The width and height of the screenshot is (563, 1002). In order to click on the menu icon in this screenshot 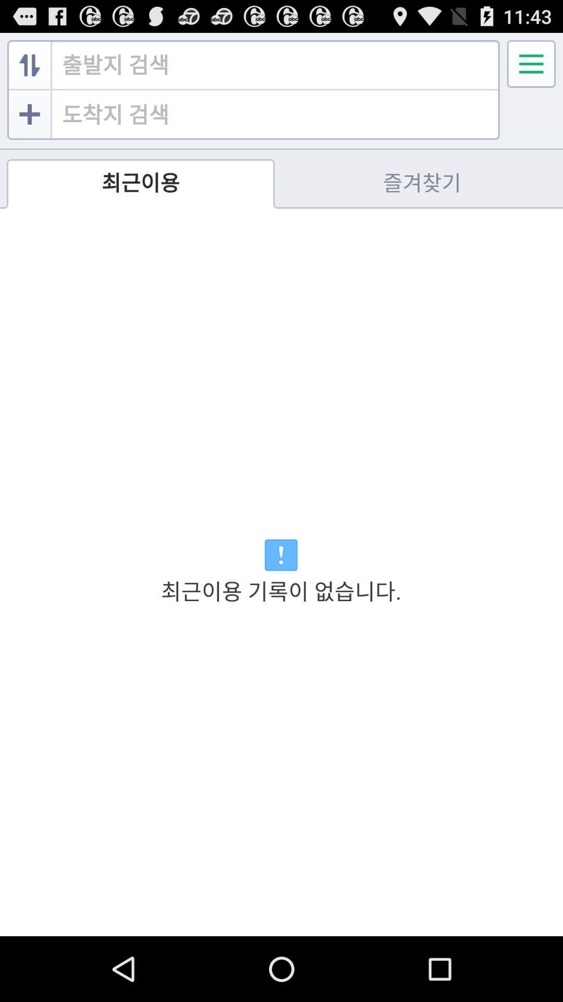, I will do `click(531, 68)`.